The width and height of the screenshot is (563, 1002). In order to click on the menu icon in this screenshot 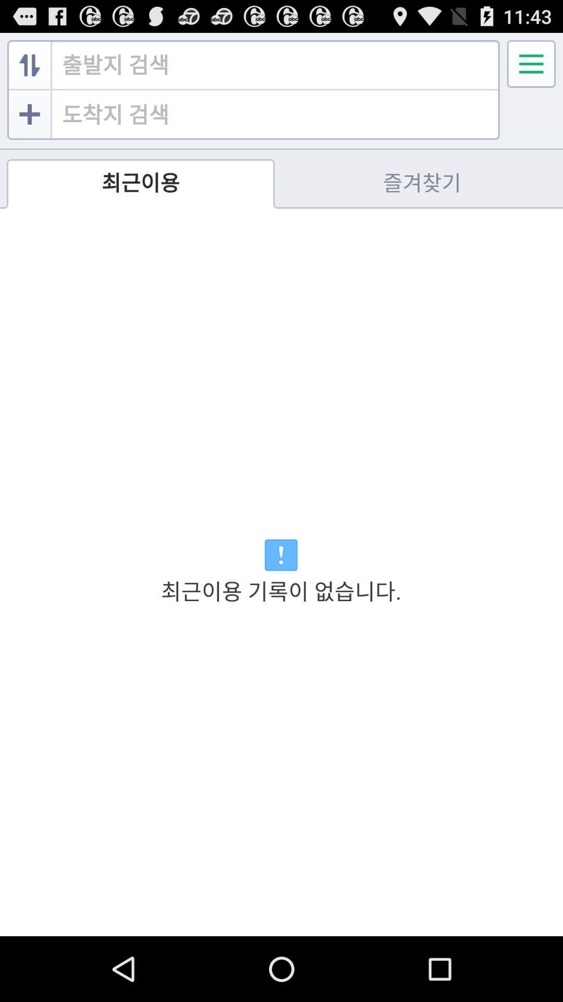, I will do `click(531, 68)`.